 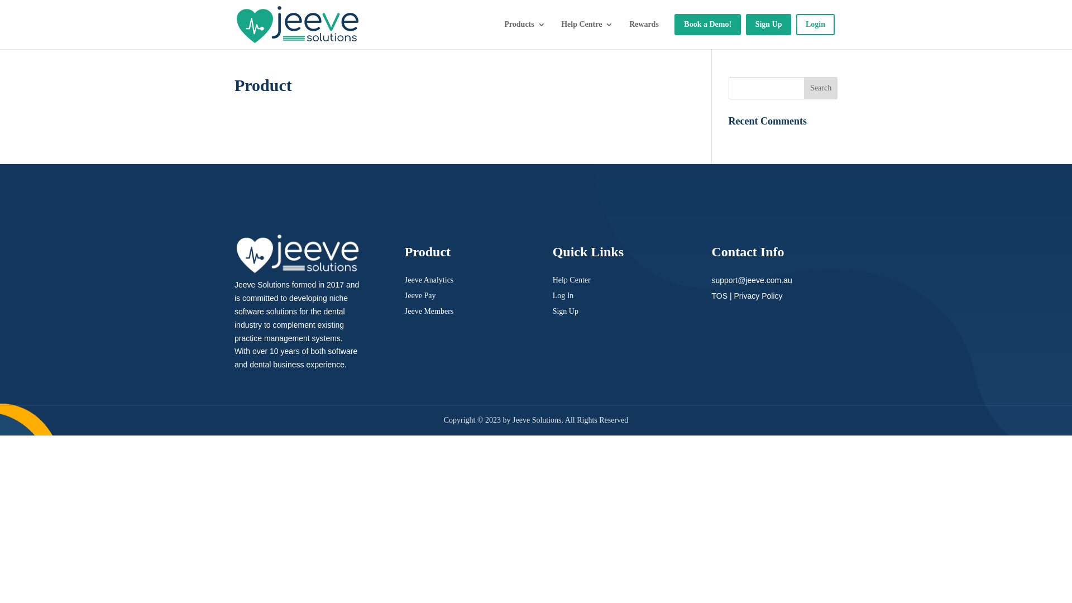 What do you see at coordinates (644, 24) in the screenshot?
I see `'Rewards'` at bounding box center [644, 24].